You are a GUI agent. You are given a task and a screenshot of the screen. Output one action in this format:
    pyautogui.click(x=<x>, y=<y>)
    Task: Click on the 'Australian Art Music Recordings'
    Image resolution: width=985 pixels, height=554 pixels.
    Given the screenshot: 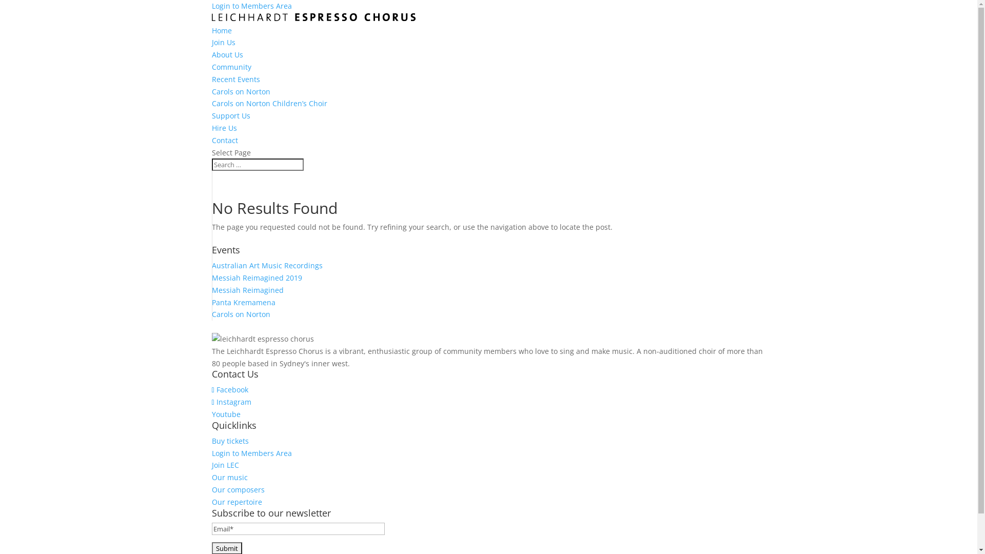 What is the action you would take?
    pyautogui.click(x=266, y=265)
    